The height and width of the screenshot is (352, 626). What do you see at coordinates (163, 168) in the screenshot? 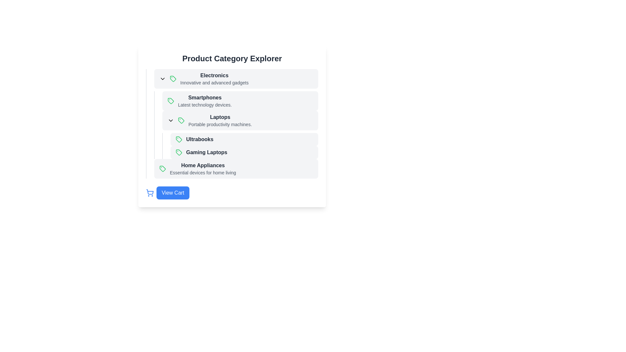
I see `the 'Home Appliances' icon, which is a tag-shaped icon with a green border and white interior, positioned to the left of the 'Home Appliances' text label` at bounding box center [163, 168].